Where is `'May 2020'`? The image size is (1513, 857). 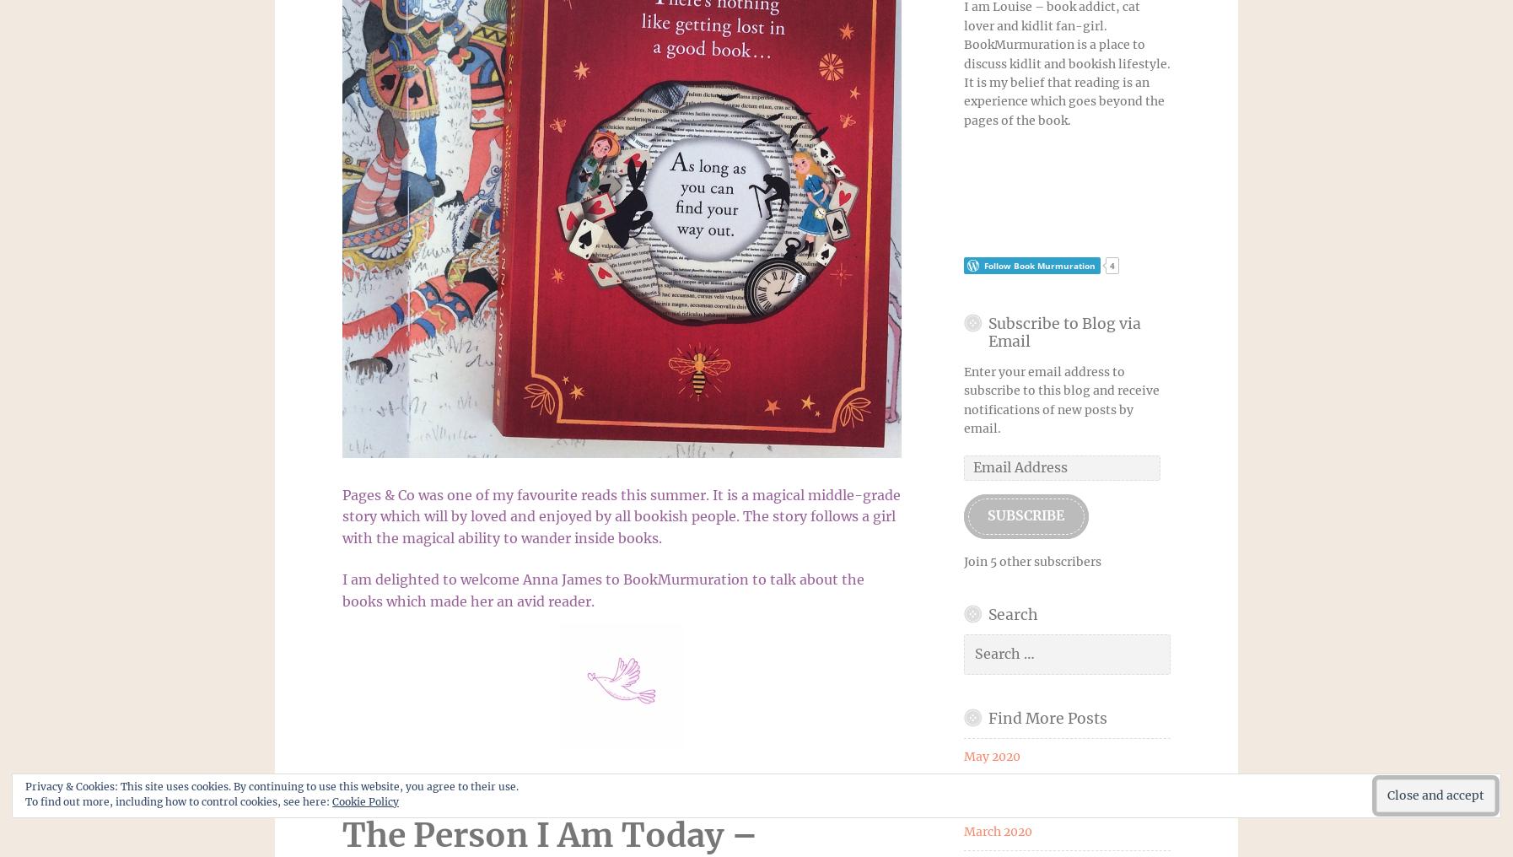 'May 2020' is located at coordinates (990, 756).